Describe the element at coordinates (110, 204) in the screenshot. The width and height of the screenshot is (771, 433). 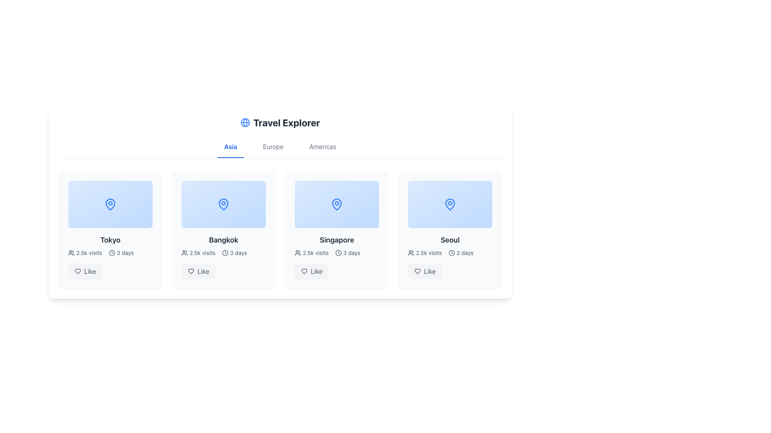
I see `the graphical location marker icon representing 'Tokyo' in the travel card, which is located in the upper half of the card's blue background area` at that location.